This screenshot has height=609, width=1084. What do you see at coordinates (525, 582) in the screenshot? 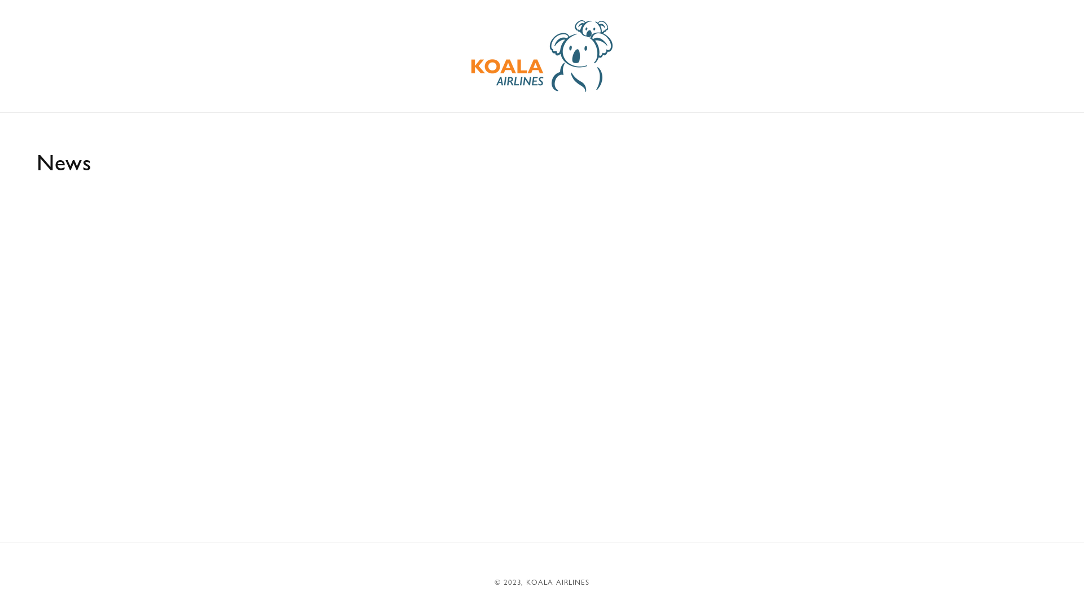
I see `'KOALA AIRLINES'` at bounding box center [525, 582].